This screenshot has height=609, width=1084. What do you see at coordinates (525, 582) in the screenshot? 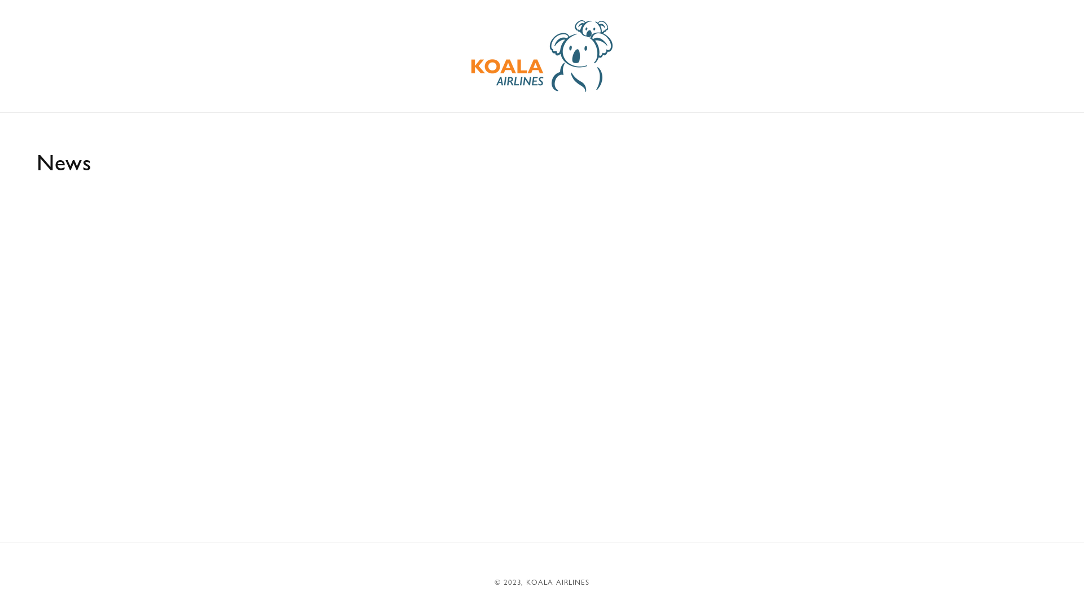
I see `'KOALA AIRLINES'` at bounding box center [525, 582].